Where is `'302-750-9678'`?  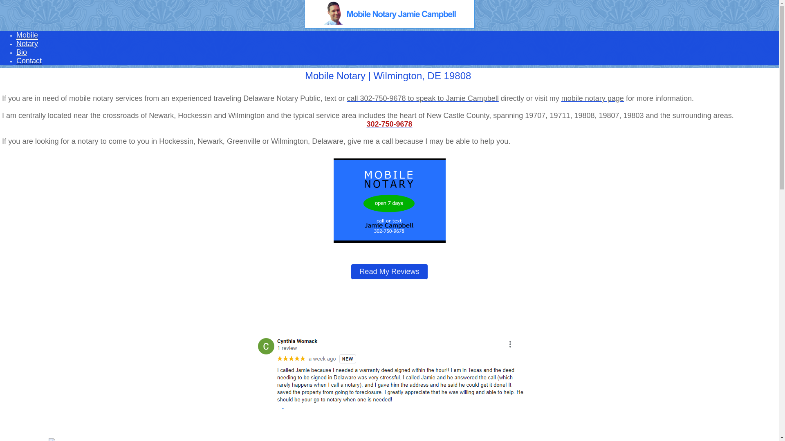 '302-750-9678' is located at coordinates (388, 124).